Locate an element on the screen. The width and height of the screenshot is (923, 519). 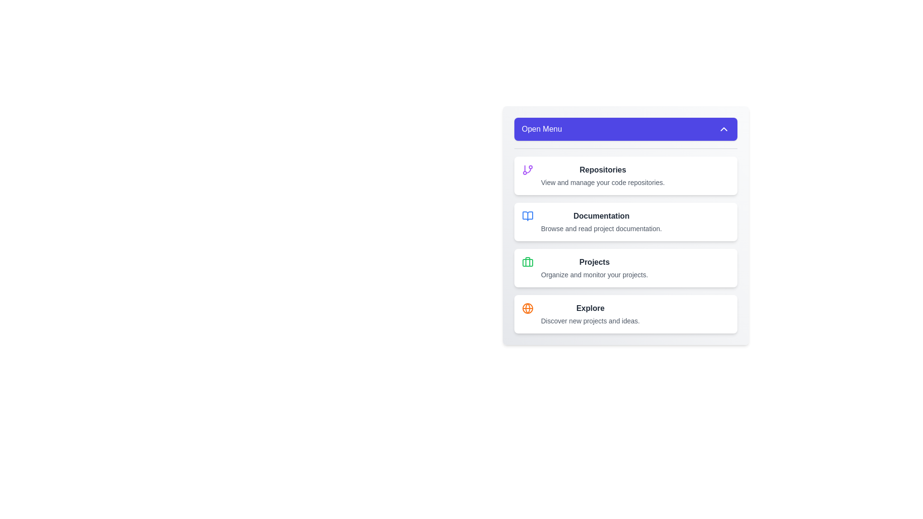
the visual representation of the curving line styled in purple, which is the fourth subcomponent of the graphical icon located to the left of the 'Repositories' label in the vertical menu list is located at coordinates (528, 170).